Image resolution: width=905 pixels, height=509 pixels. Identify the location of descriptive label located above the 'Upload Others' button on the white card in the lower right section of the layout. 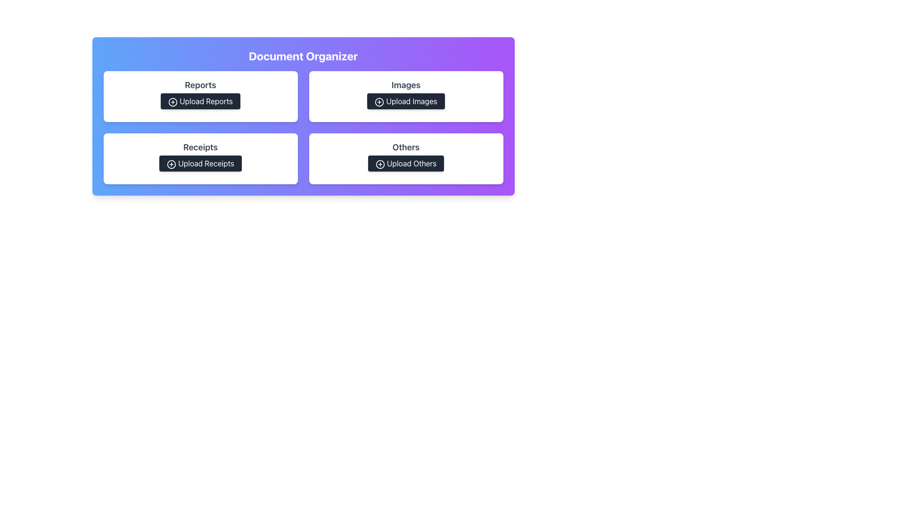
(406, 147).